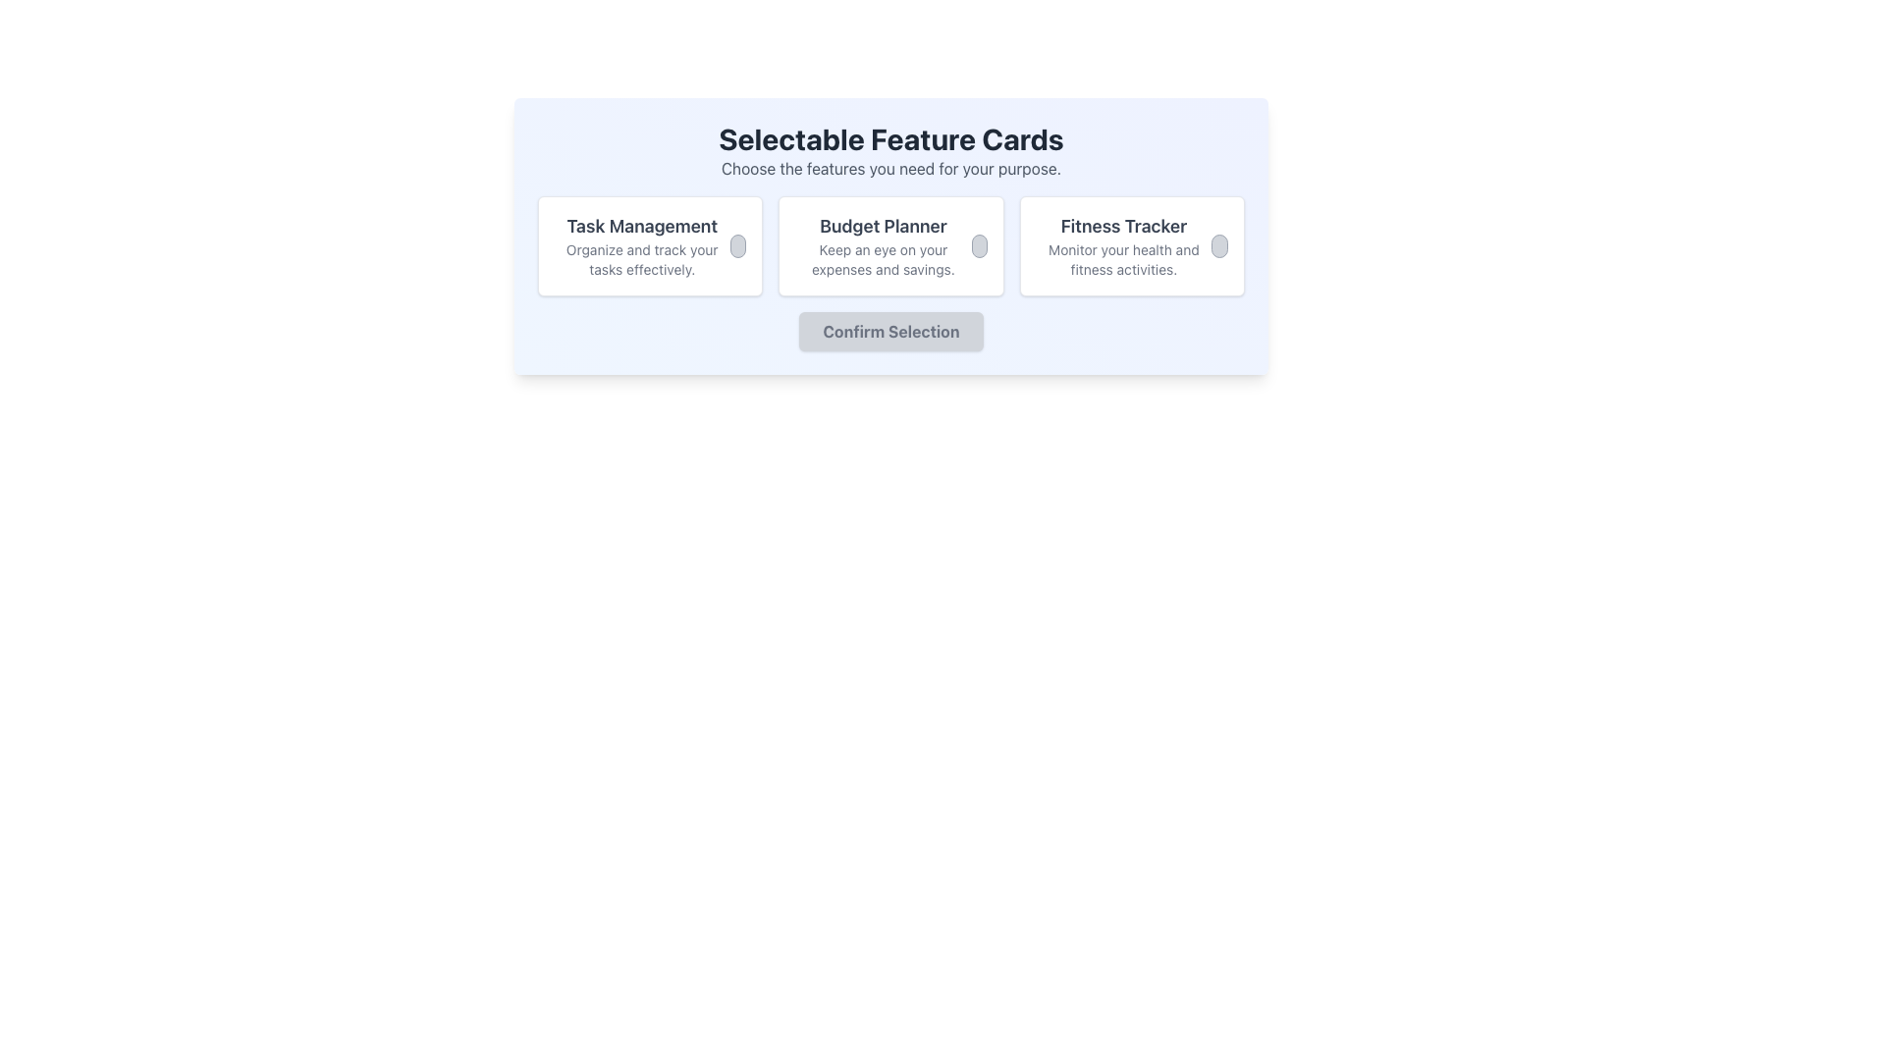  What do you see at coordinates (1123, 259) in the screenshot?
I see `the text element reading 'Monitor your health and fitness activities.' located beneath the 'Fitness Tracker' heading within the 'Fitness Tracker' card` at bounding box center [1123, 259].